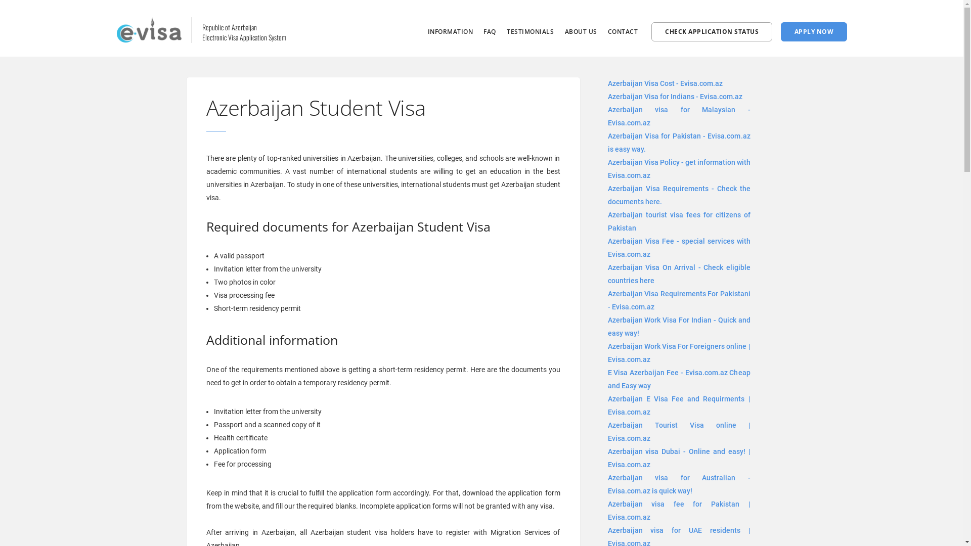  What do you see at coordinates (679, 142) in the screenshot?
I see `'Azerbaijan Visa for Pakistan - Evisa.com.az is easy way.'` at bounding box center [679, 142].